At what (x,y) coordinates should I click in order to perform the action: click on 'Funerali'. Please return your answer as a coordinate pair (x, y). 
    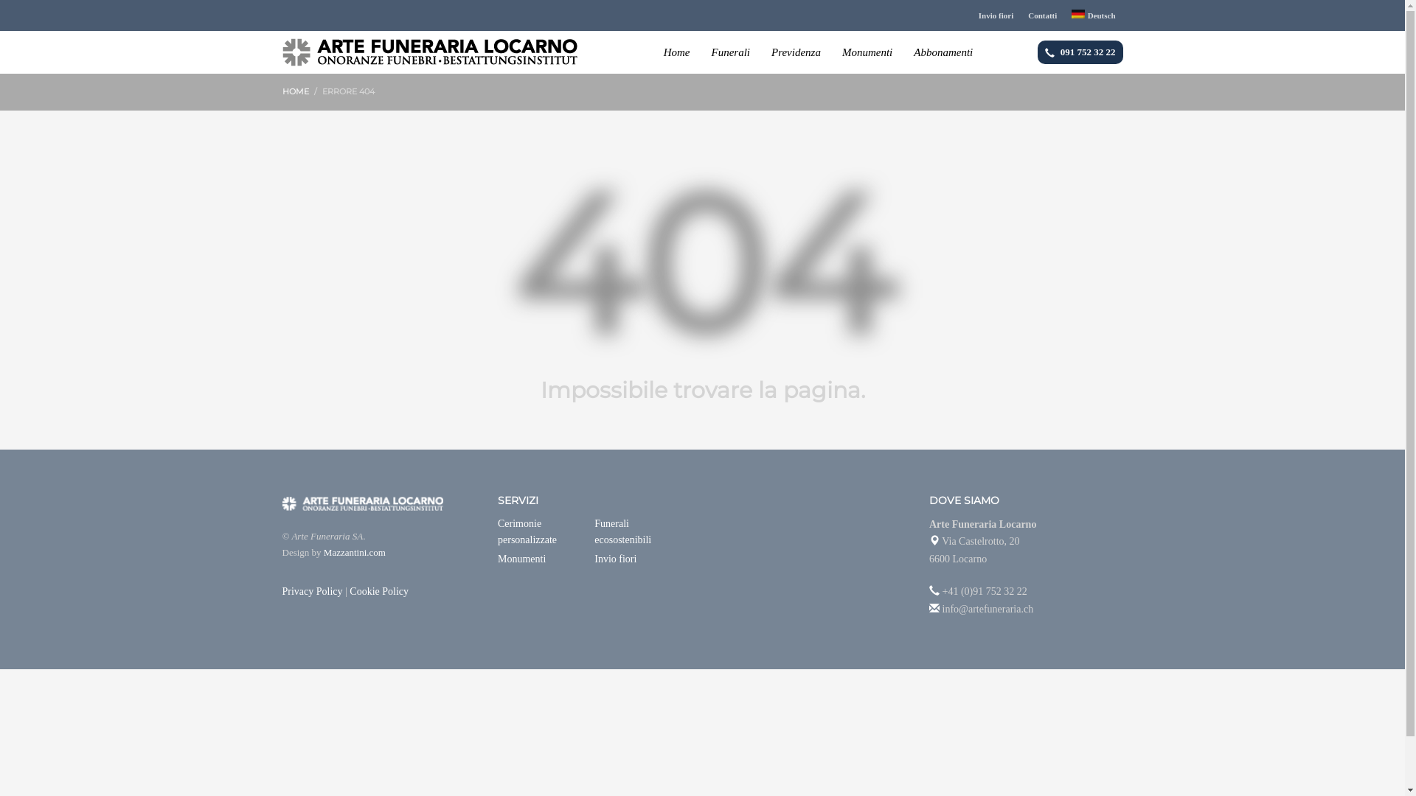
    Looking at the image, I should click on (701, 51).